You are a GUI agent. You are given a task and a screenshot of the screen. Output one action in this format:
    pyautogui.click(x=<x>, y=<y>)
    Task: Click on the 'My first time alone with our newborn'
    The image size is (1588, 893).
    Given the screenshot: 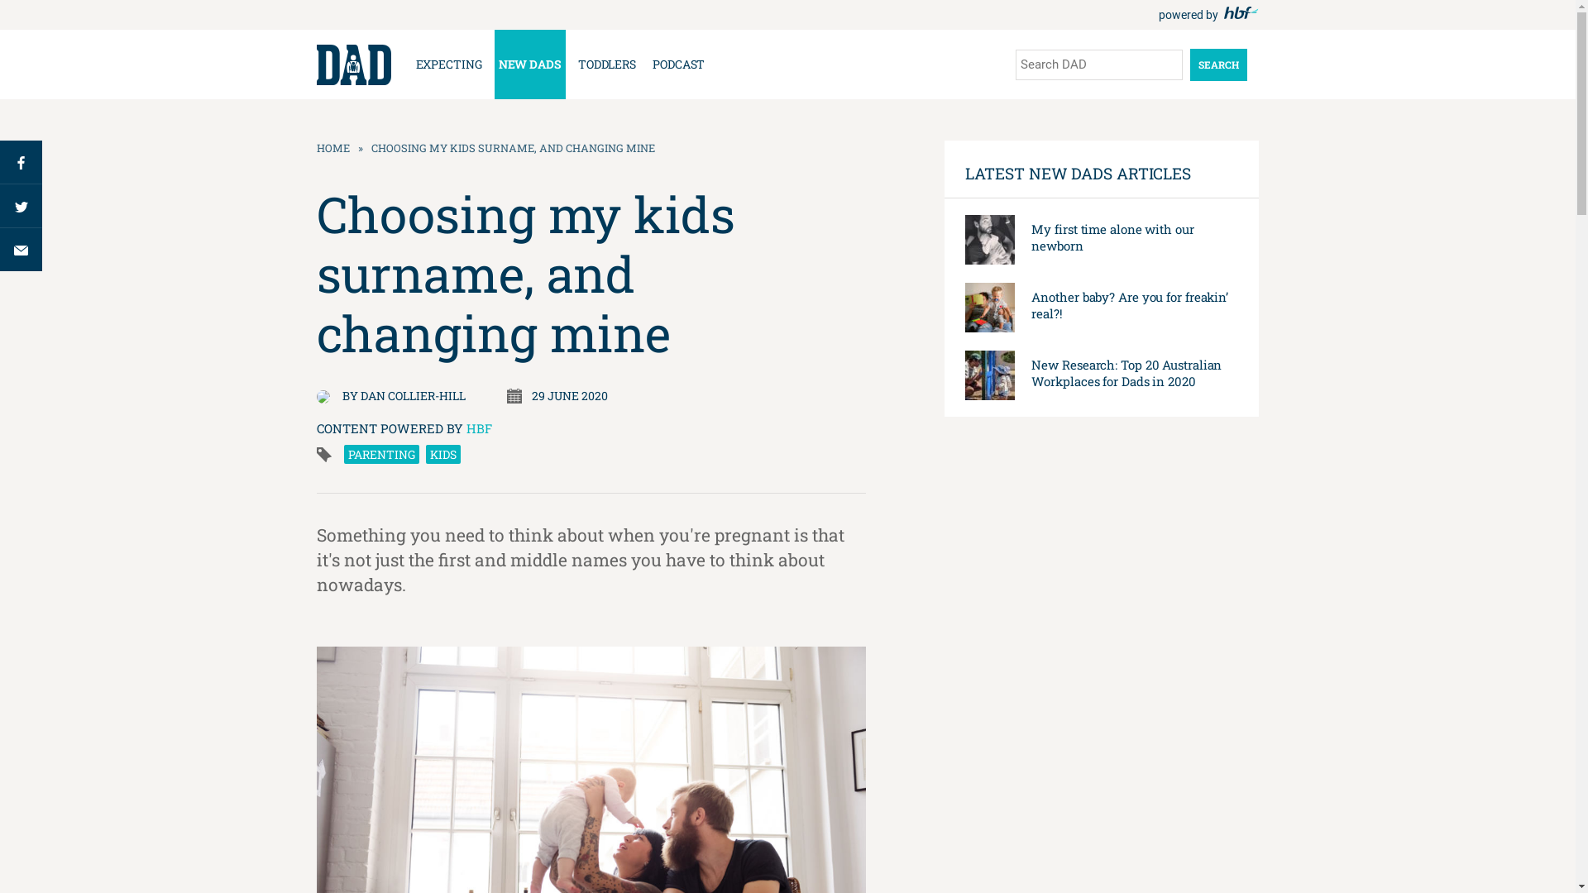 What is the action you would take?
    pyautogui.click(x=1112, y=236)
    